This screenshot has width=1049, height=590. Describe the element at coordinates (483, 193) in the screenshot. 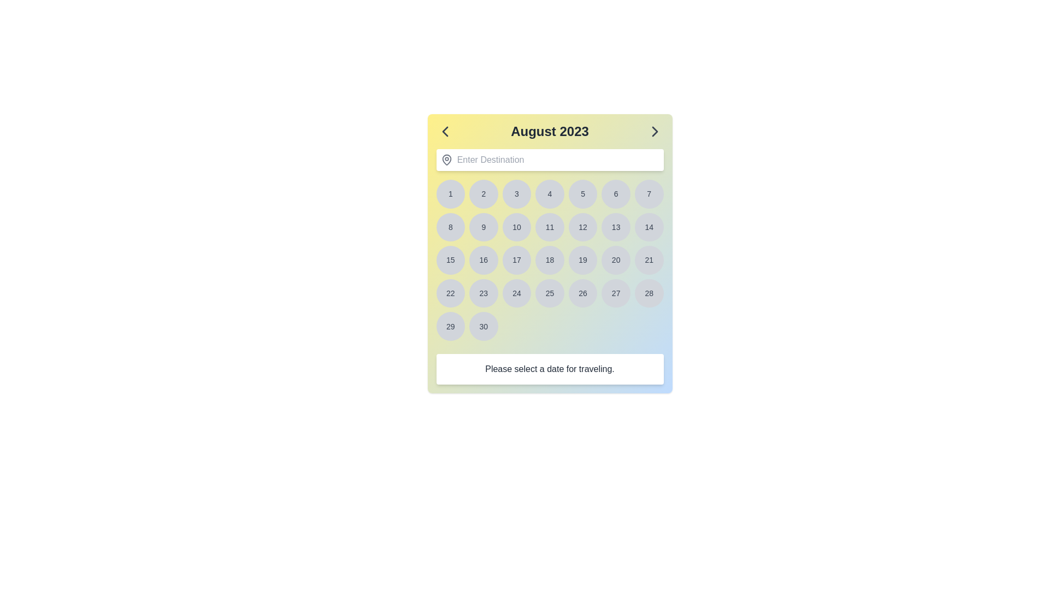

I see `the button representing the 2nd of the month in the calendar, located in the second column of the first row of the grid below the month display 'August 2023'` at that location.